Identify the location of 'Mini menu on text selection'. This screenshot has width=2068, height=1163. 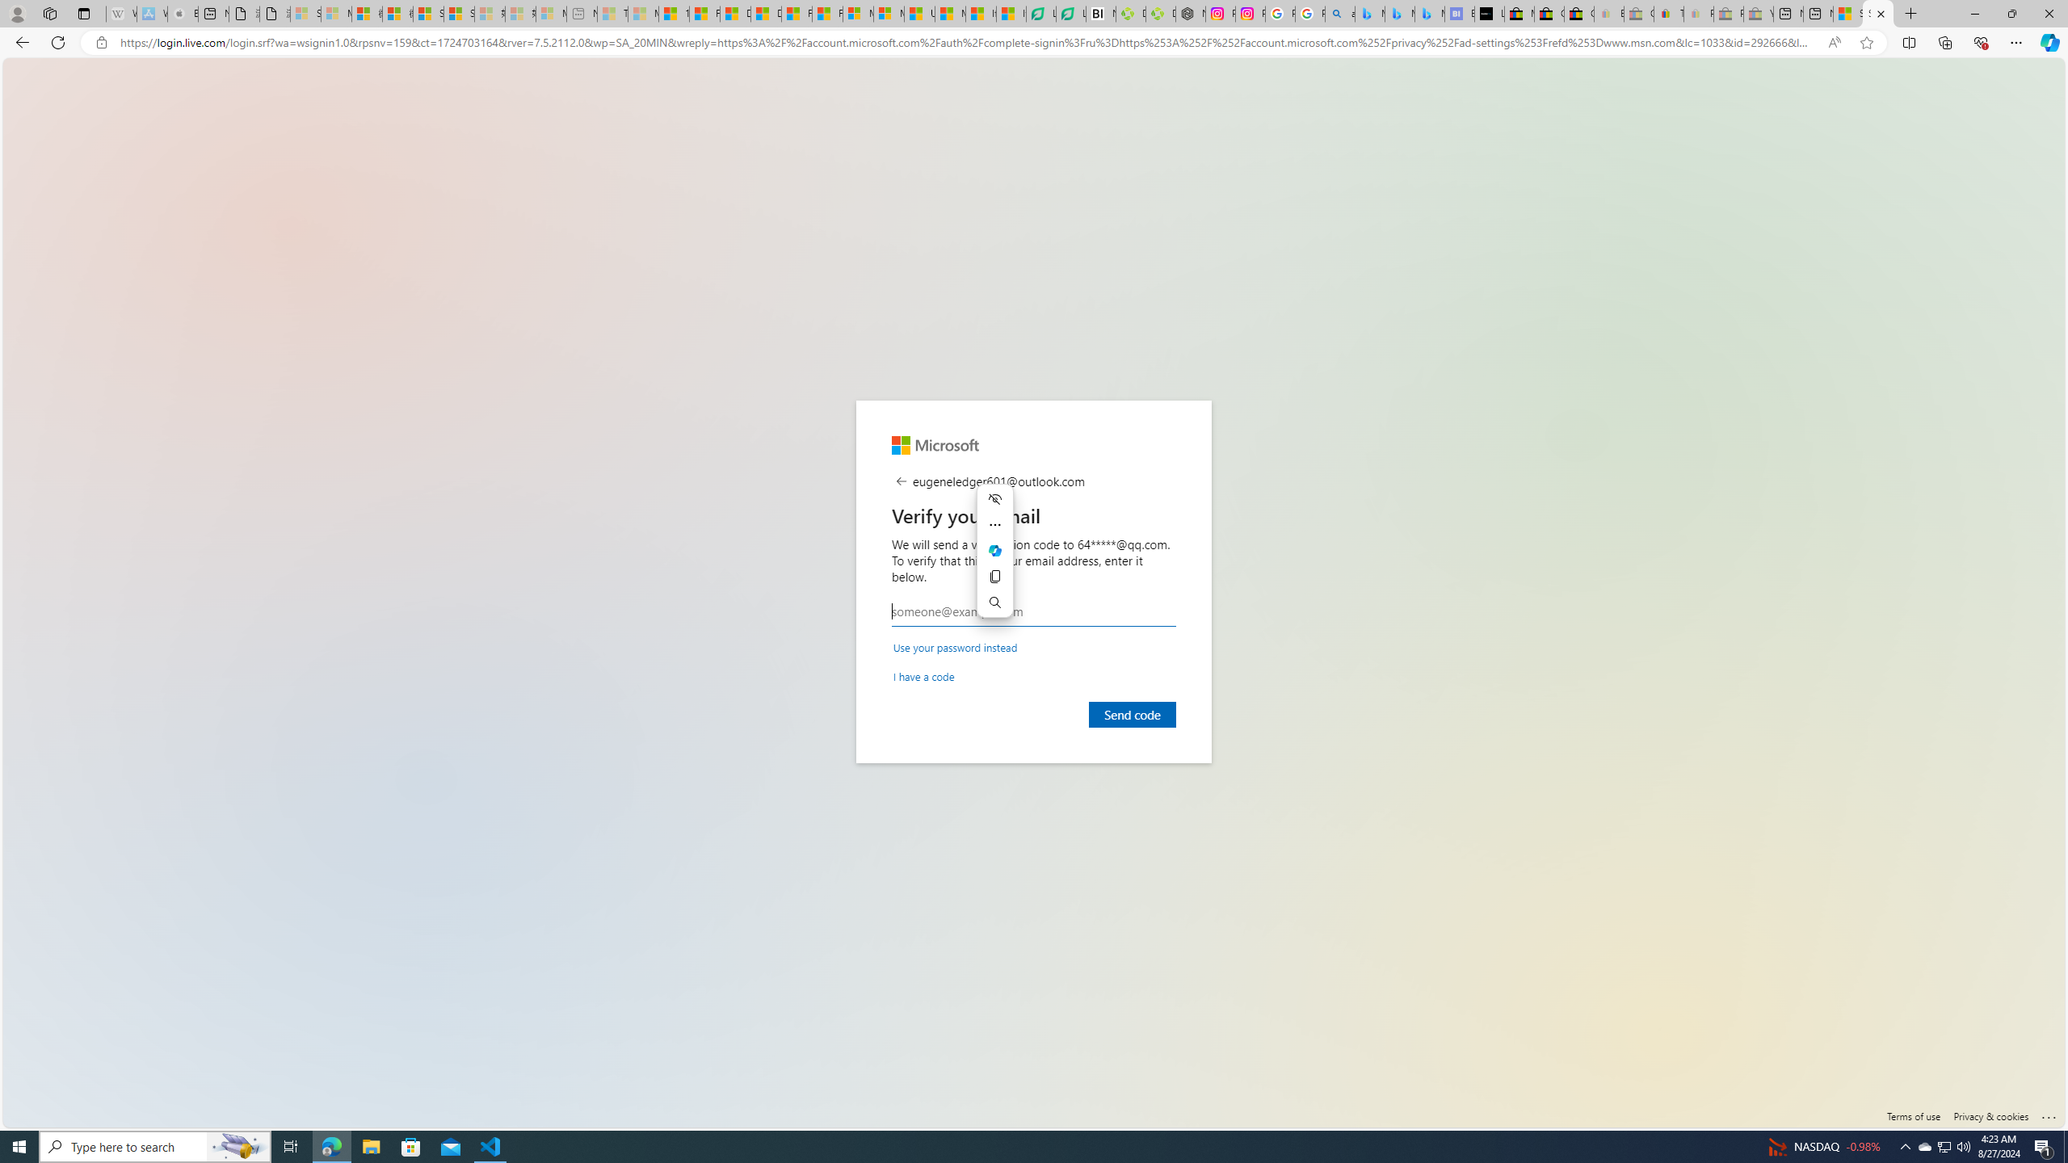
(994, 550).